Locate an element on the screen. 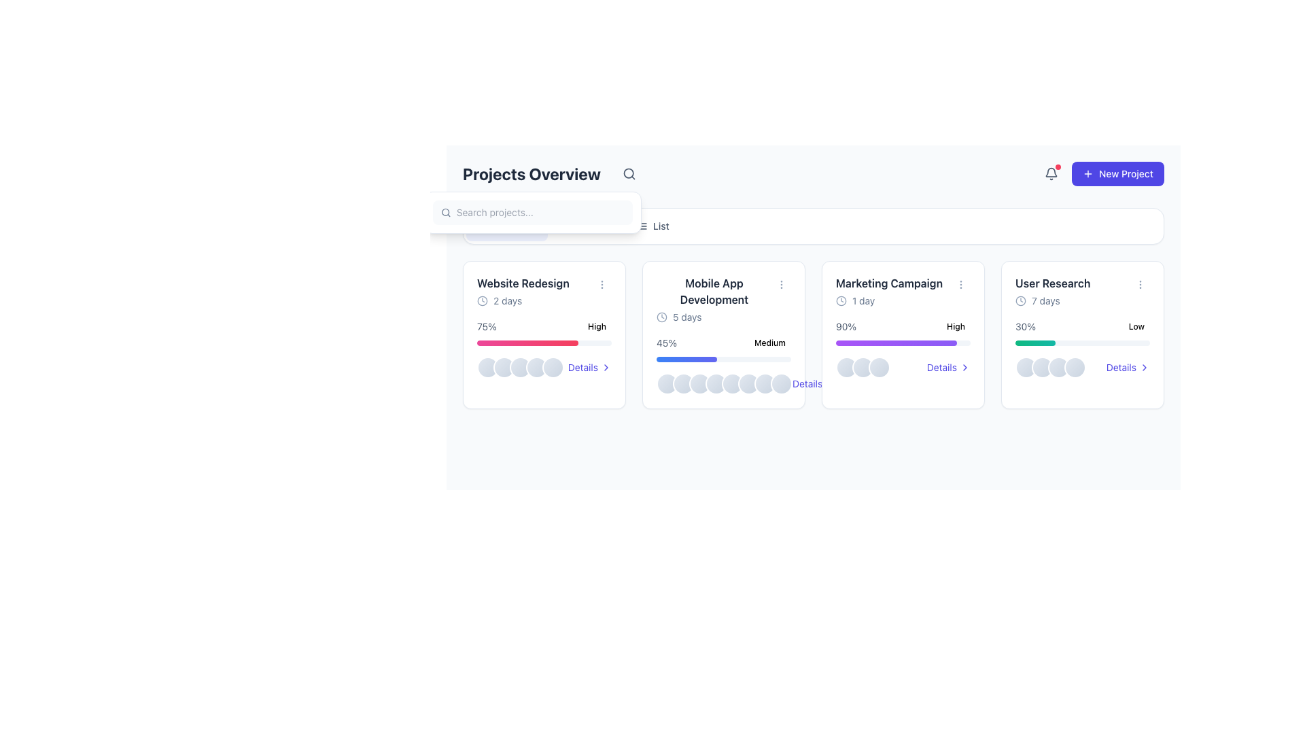 This screenshot has width=1305, height=734. the label of the button located in the top-right corner of the interface, which is designed to create a new project is located at coordinates (1126, 173).